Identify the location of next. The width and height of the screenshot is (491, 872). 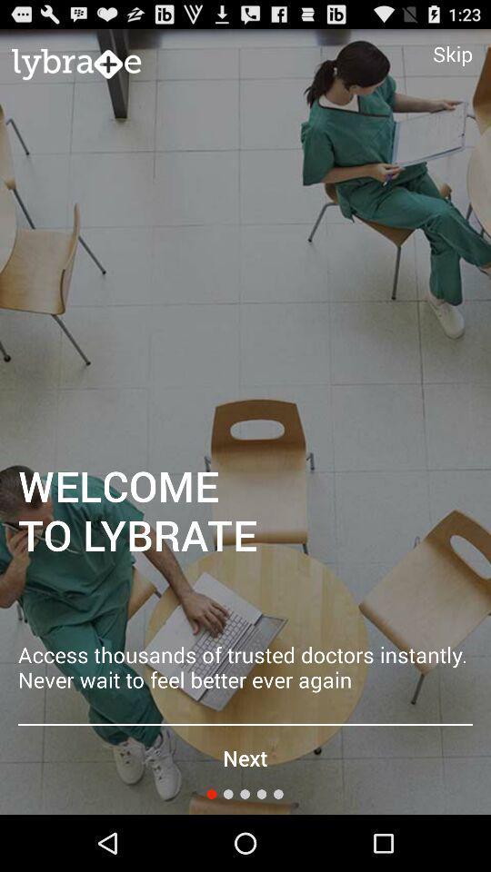
(245, 758).